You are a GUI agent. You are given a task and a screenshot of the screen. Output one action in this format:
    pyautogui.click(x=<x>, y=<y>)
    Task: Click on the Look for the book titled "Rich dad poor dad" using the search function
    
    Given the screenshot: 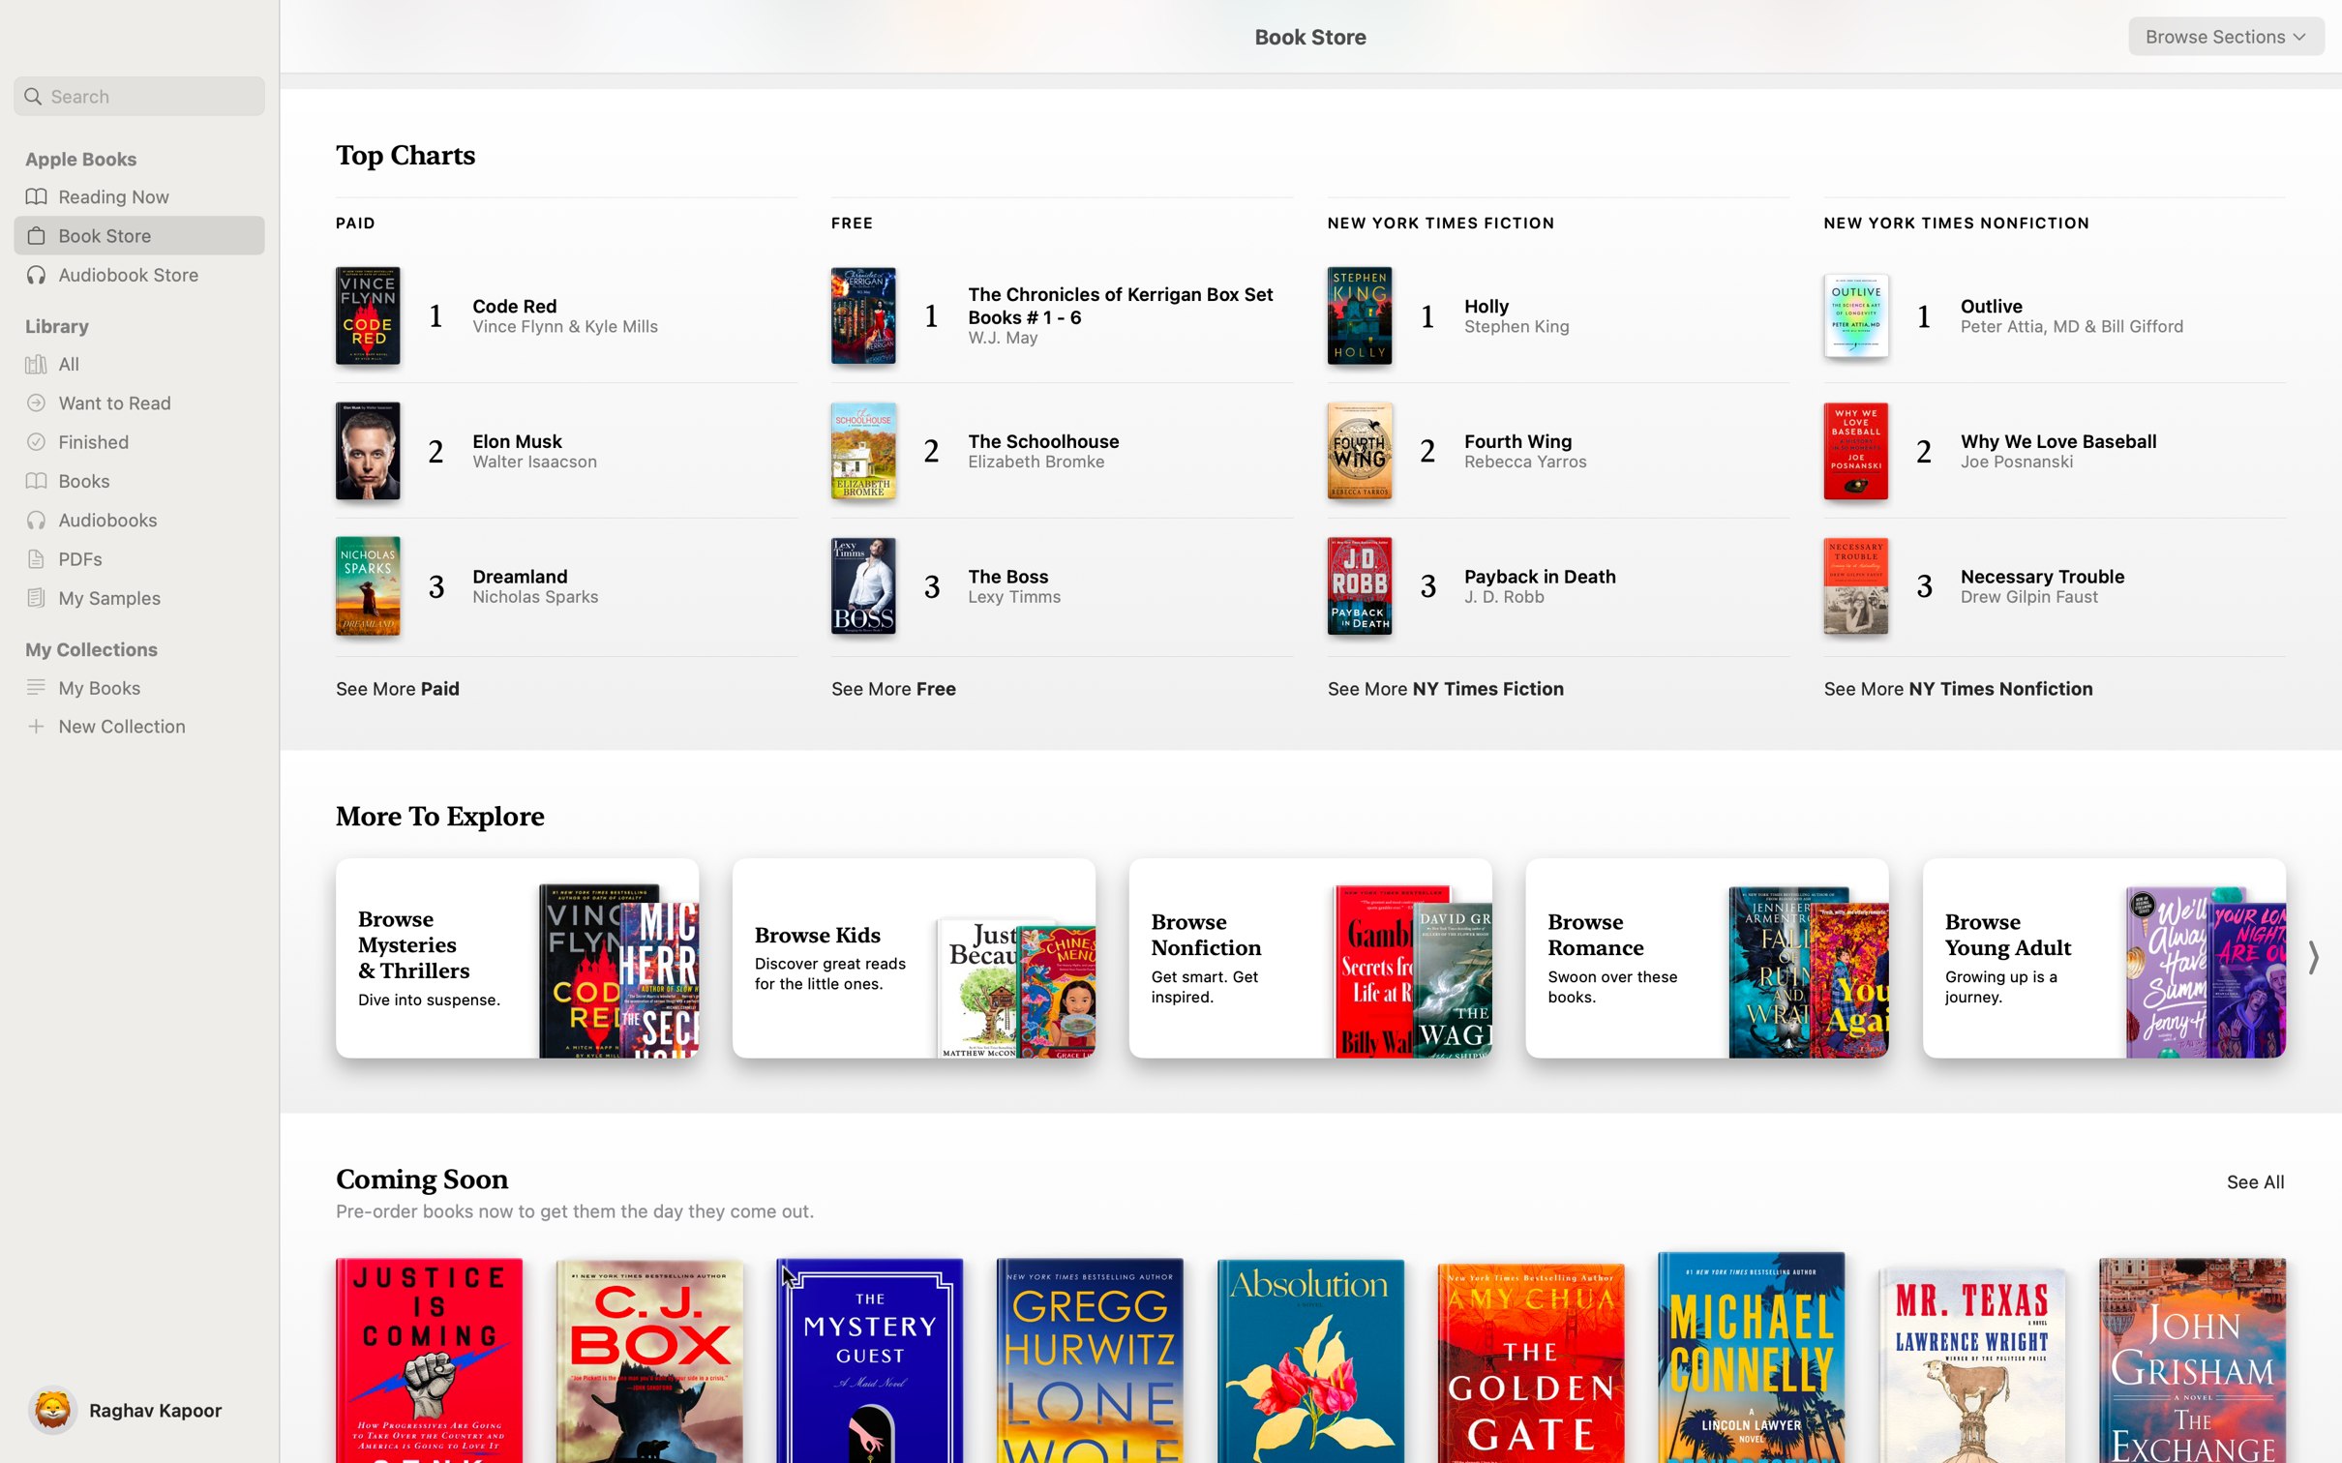 What is the action you would take?
    pyautogui.click(x=138, y=96)
    